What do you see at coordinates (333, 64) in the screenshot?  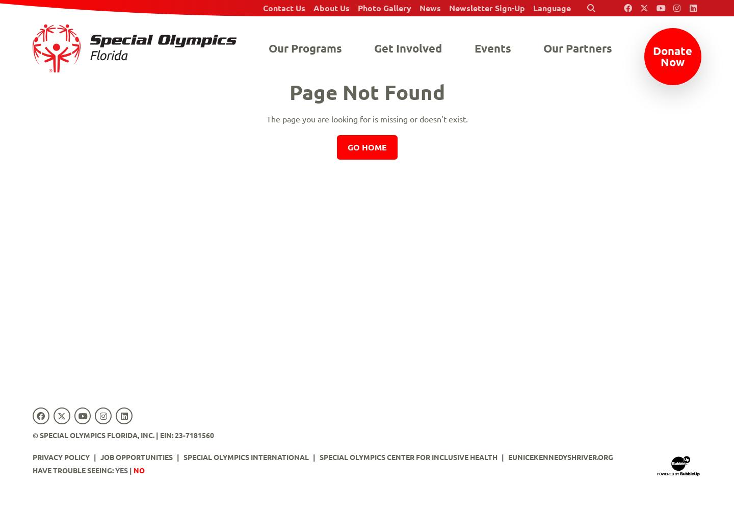 I see `'Staff'` at bounding box center [333, 64].